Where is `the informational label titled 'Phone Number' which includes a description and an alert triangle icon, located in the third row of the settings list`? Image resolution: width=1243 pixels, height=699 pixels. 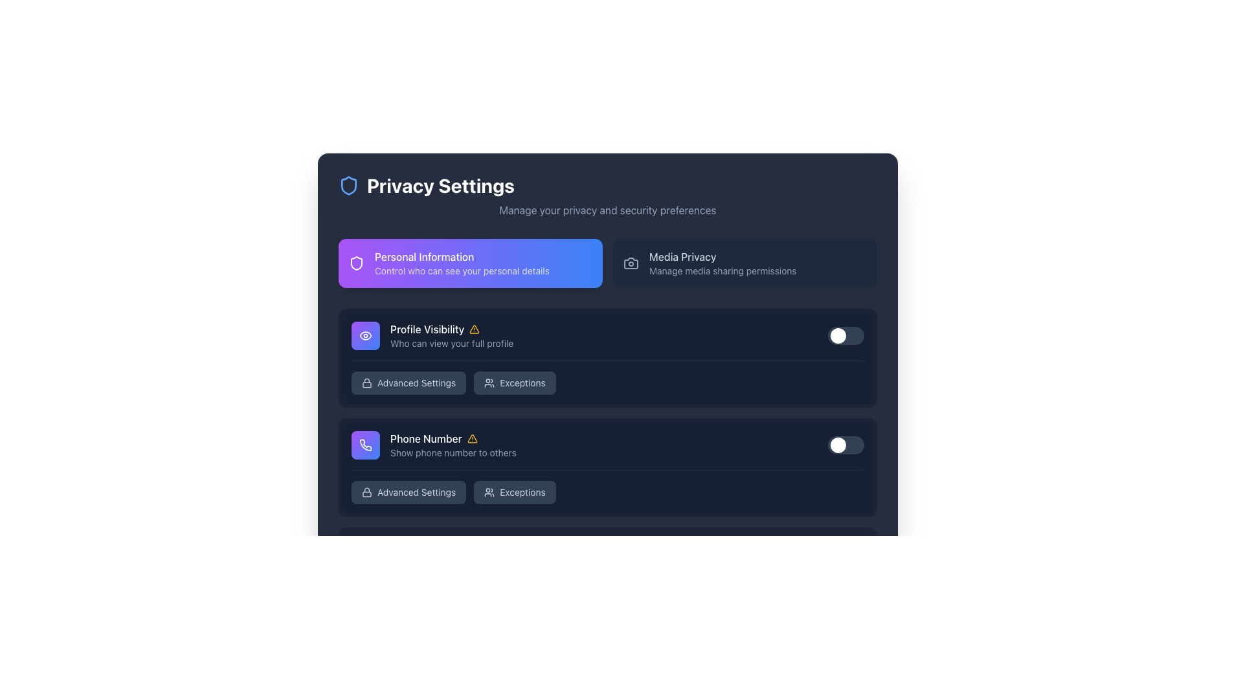
the informational label titled 'Phone Number' which includes a description and an alert triangle icon, located in the third row of the settings list is located at coordinates (453, 444).